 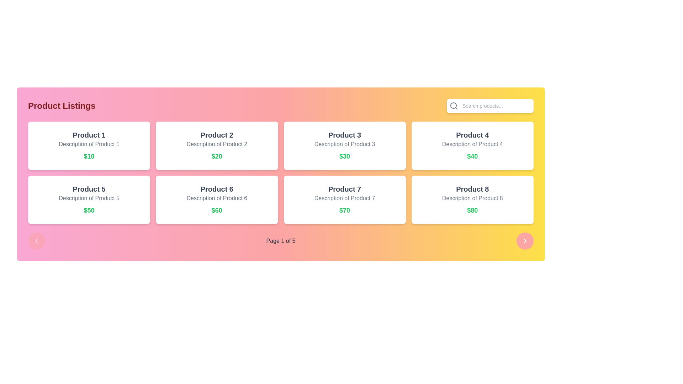 I want to click on the descriptive text label for 'Product 3', which is located below the title and above the price in the top-right section of the grid layout, so click(x=345, y=144).